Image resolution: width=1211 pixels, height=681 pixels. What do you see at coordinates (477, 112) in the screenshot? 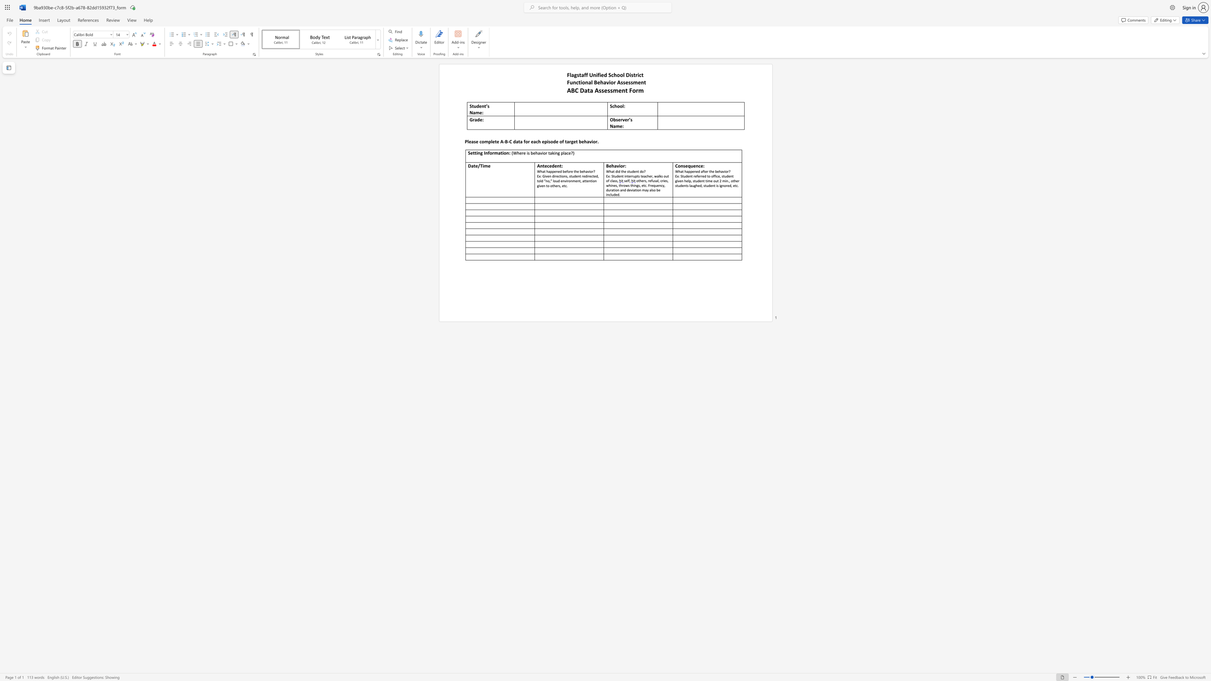
I see `the 1th character "m" in the text` at bounding box center [477, 112].